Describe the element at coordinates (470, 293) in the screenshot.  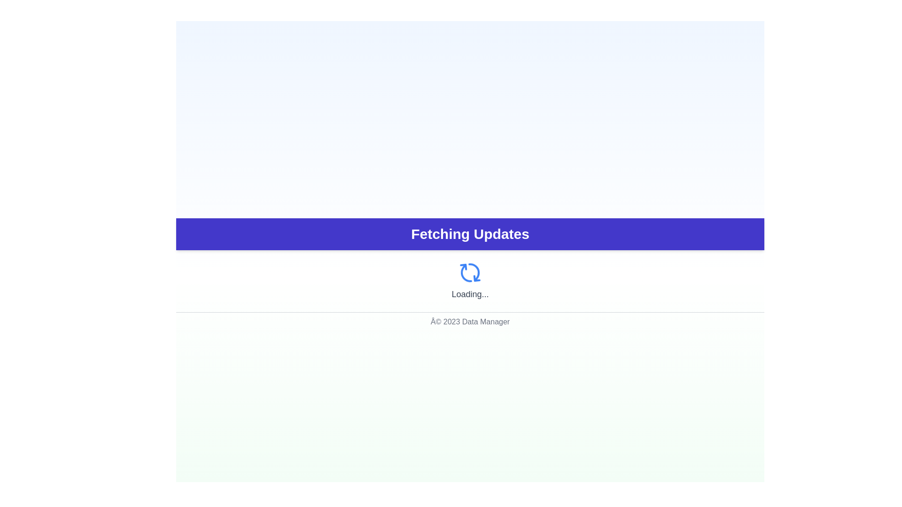
I see `the text label displaying 'Loading...' in gray color, located under the spinning circular icon and within a centered layout under the 'Fetching Updates' banner` at that location.